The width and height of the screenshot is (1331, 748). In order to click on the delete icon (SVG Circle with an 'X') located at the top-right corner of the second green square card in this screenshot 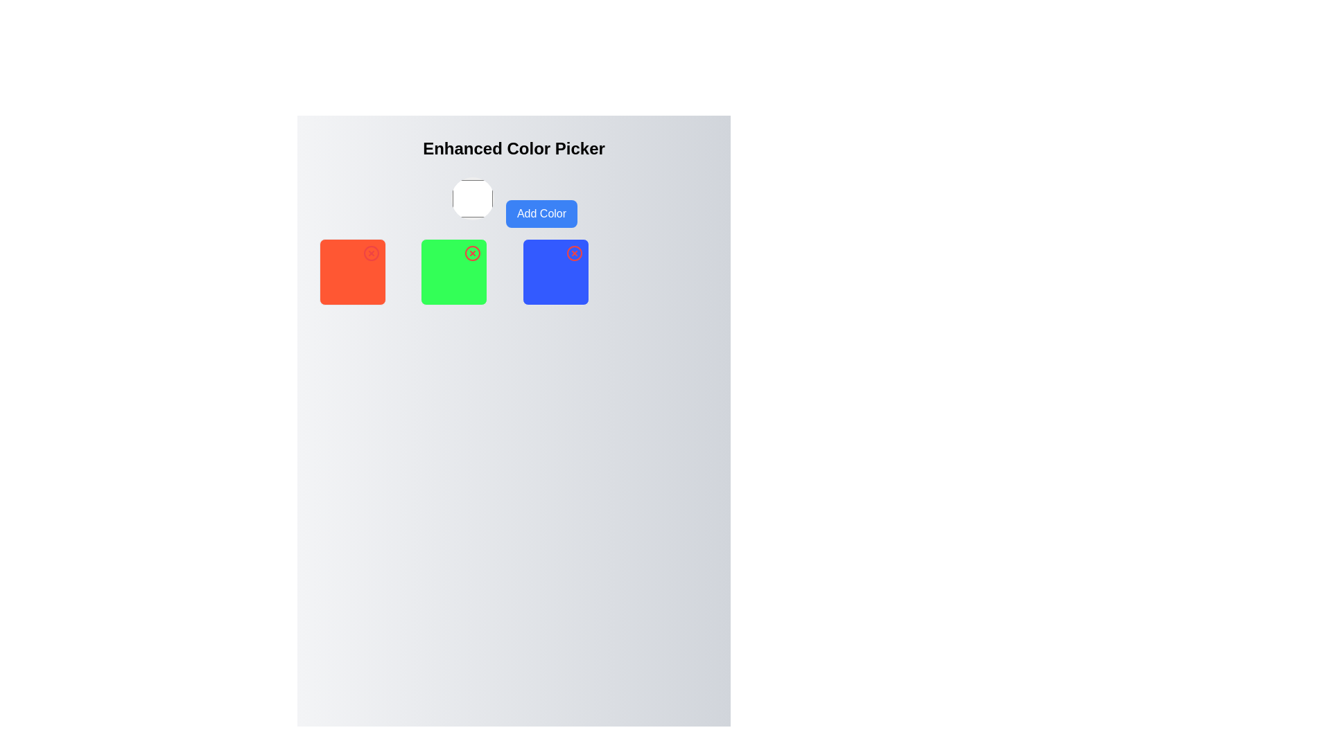, I will do `click(473, 253)`.